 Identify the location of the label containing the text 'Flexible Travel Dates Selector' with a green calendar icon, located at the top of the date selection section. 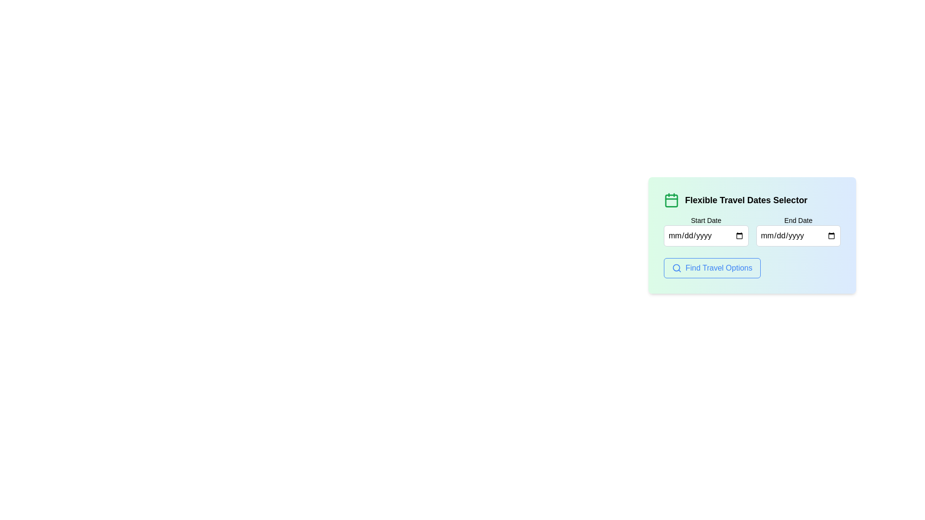
(752, 200).